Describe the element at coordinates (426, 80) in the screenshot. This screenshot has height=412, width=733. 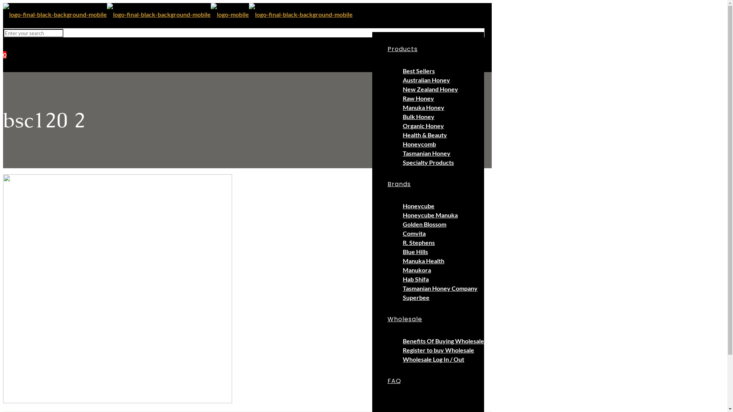
I see `'Australian Honey'` at that location.